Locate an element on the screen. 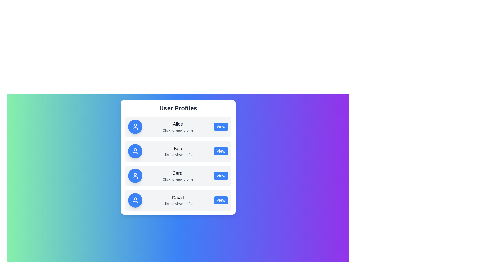 The image size is (491, 276). the text block that contains the name and description of Carol's profile, located below Bob's profile entry and above David's profile entry, next to a blue profile icon and a blue 'View' button is located at coordinates (178, 175).